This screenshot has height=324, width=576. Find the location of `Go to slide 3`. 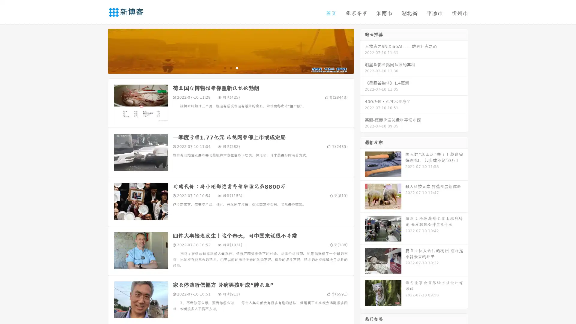

Go to slide 3 is located at coordinates (237, 67).